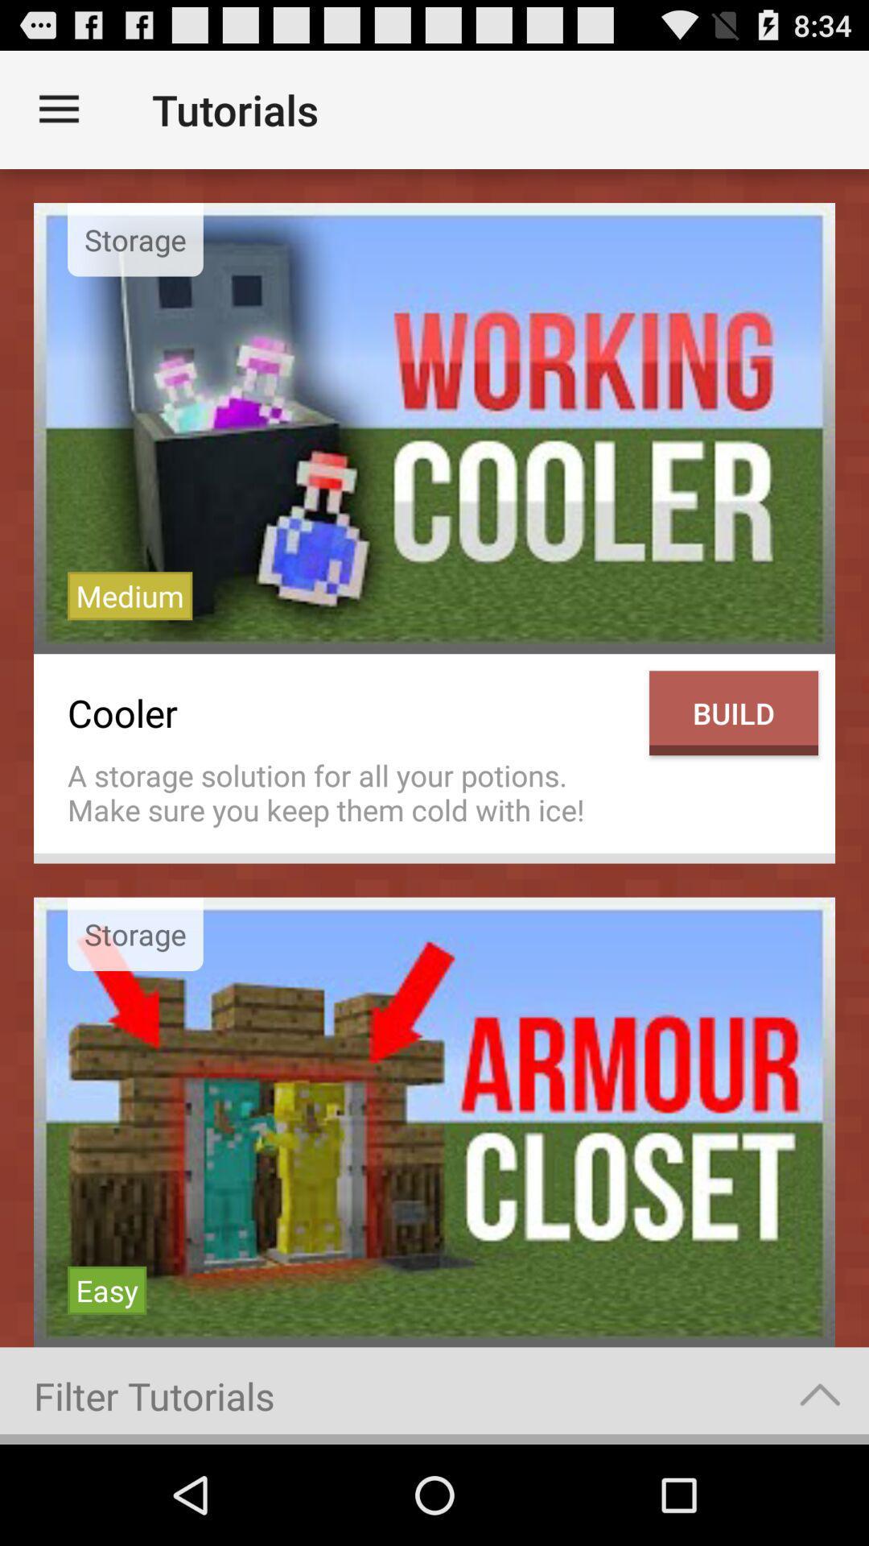 Image resolution: width=869 pixels, height=1546 pixels. Describe the element at coordinates (349, 792) in the screenshot. I see `the icon next to the build icon` at that location.